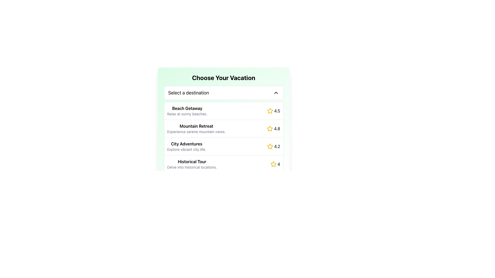 Image resolution: width=495 pixels, height=278 pixels. I want to click on the subtitle text reading 'Relax at sunny beaches.' which is styled in a smaller font with a light gray color and positioned below the 'Beach Getaway' header, so click(187, 114).